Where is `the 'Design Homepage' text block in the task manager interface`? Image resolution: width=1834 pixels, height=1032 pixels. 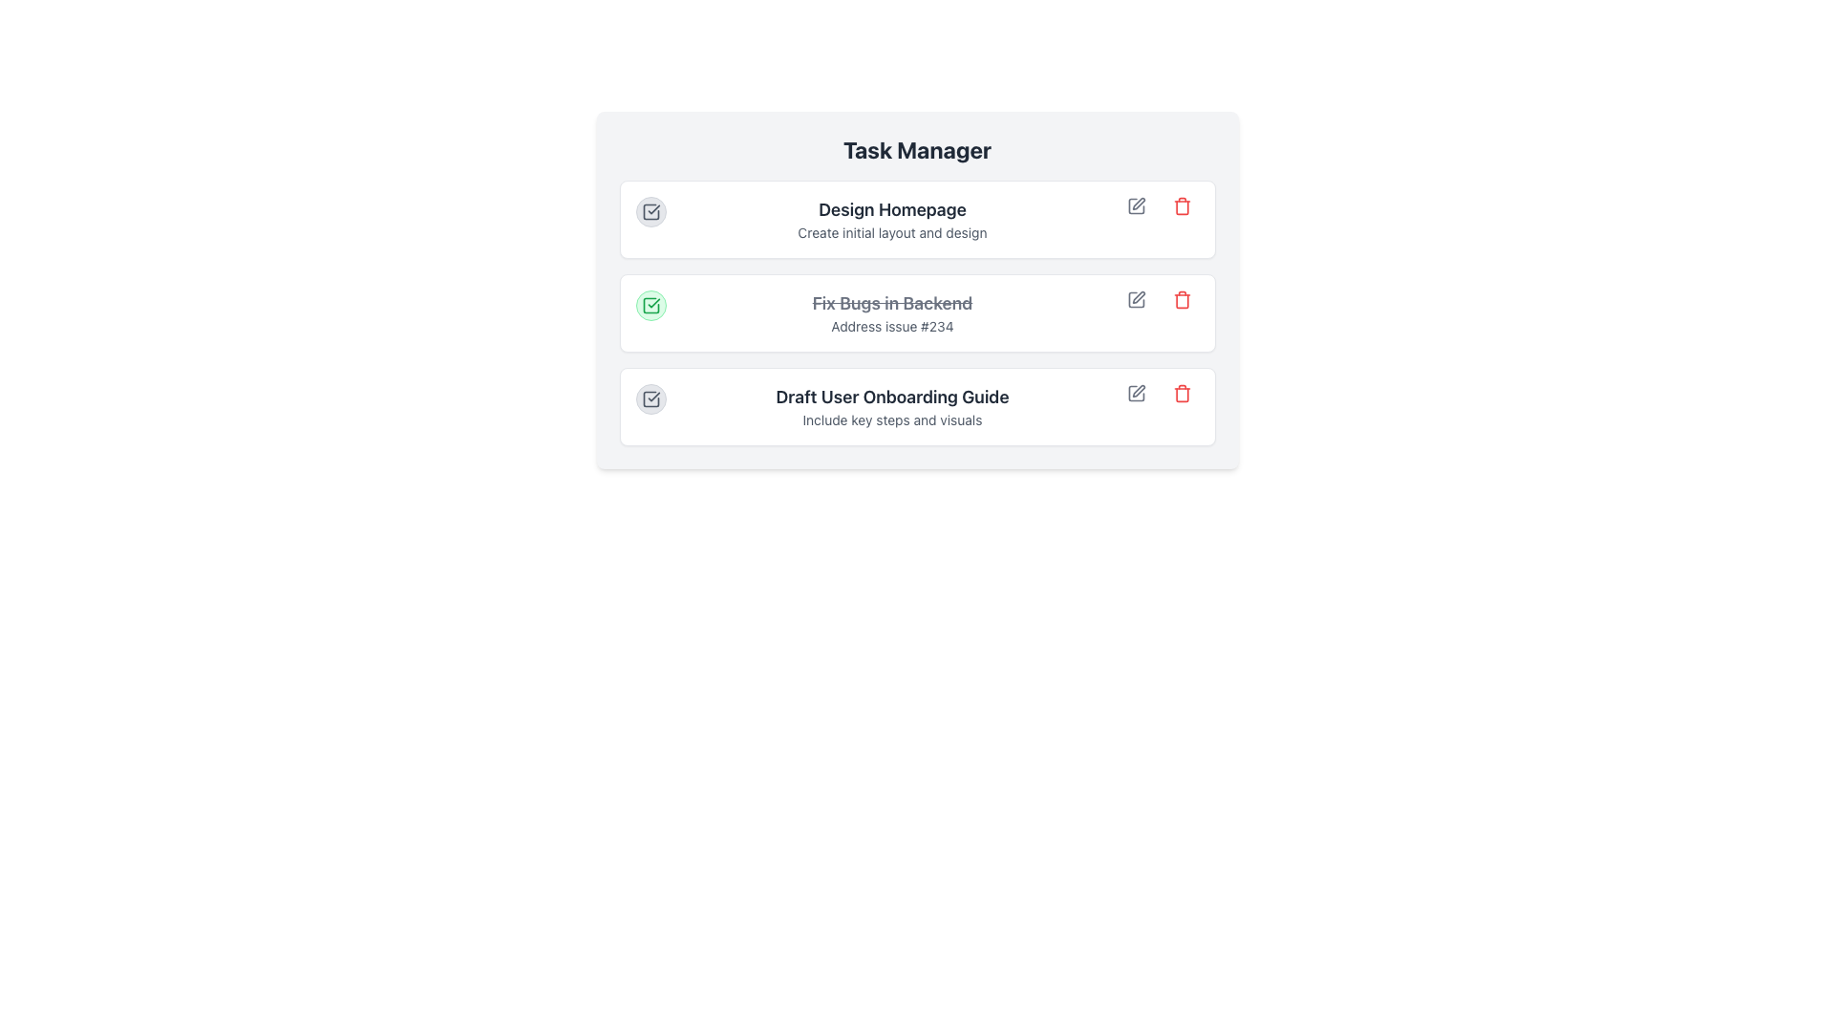
the 'Design Homepage' text block in the task manager interface is located at coordinates (891, 219).